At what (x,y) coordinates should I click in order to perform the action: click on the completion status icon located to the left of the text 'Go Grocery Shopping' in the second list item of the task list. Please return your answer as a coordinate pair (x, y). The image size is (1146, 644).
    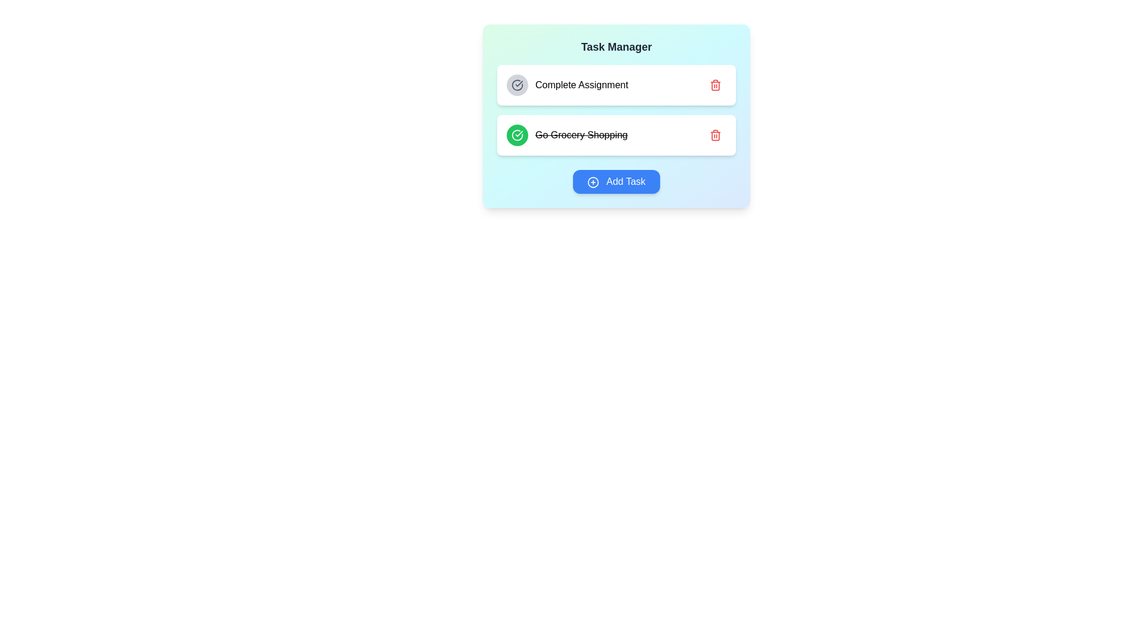
    Looking at the image, I should click on (517, 135).